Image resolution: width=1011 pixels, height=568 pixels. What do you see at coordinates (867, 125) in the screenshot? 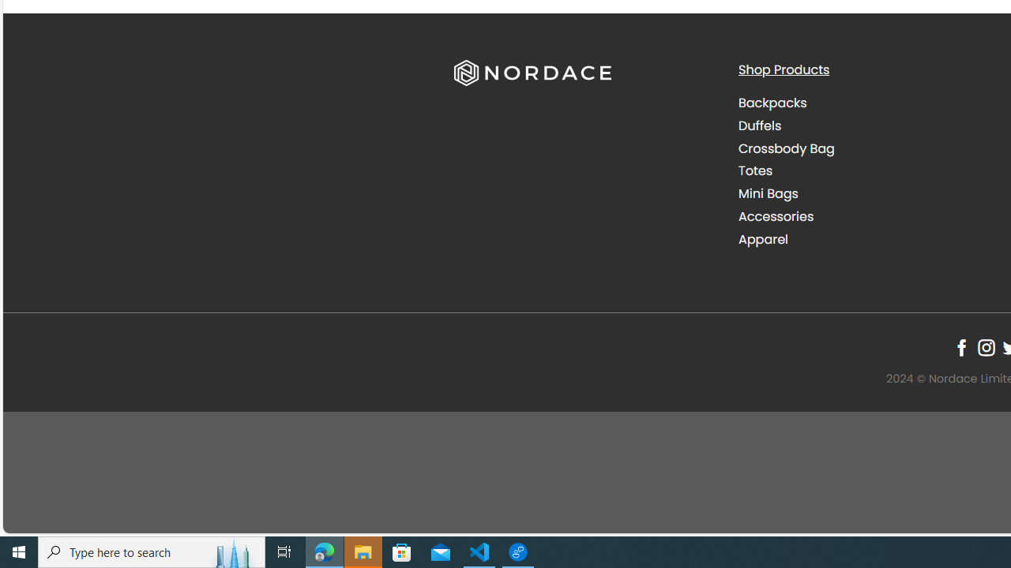
I see `'Duffels'` at bounding box center [867, 125].